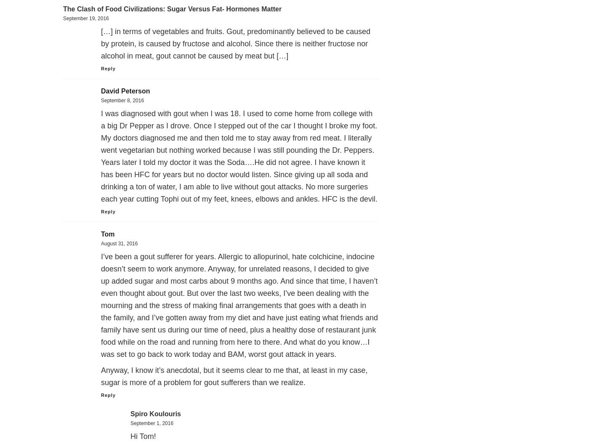  What do you see at coordinates (107, 234) in the screenshot?
I see `'Tom'` at bounding box center [107, 234].